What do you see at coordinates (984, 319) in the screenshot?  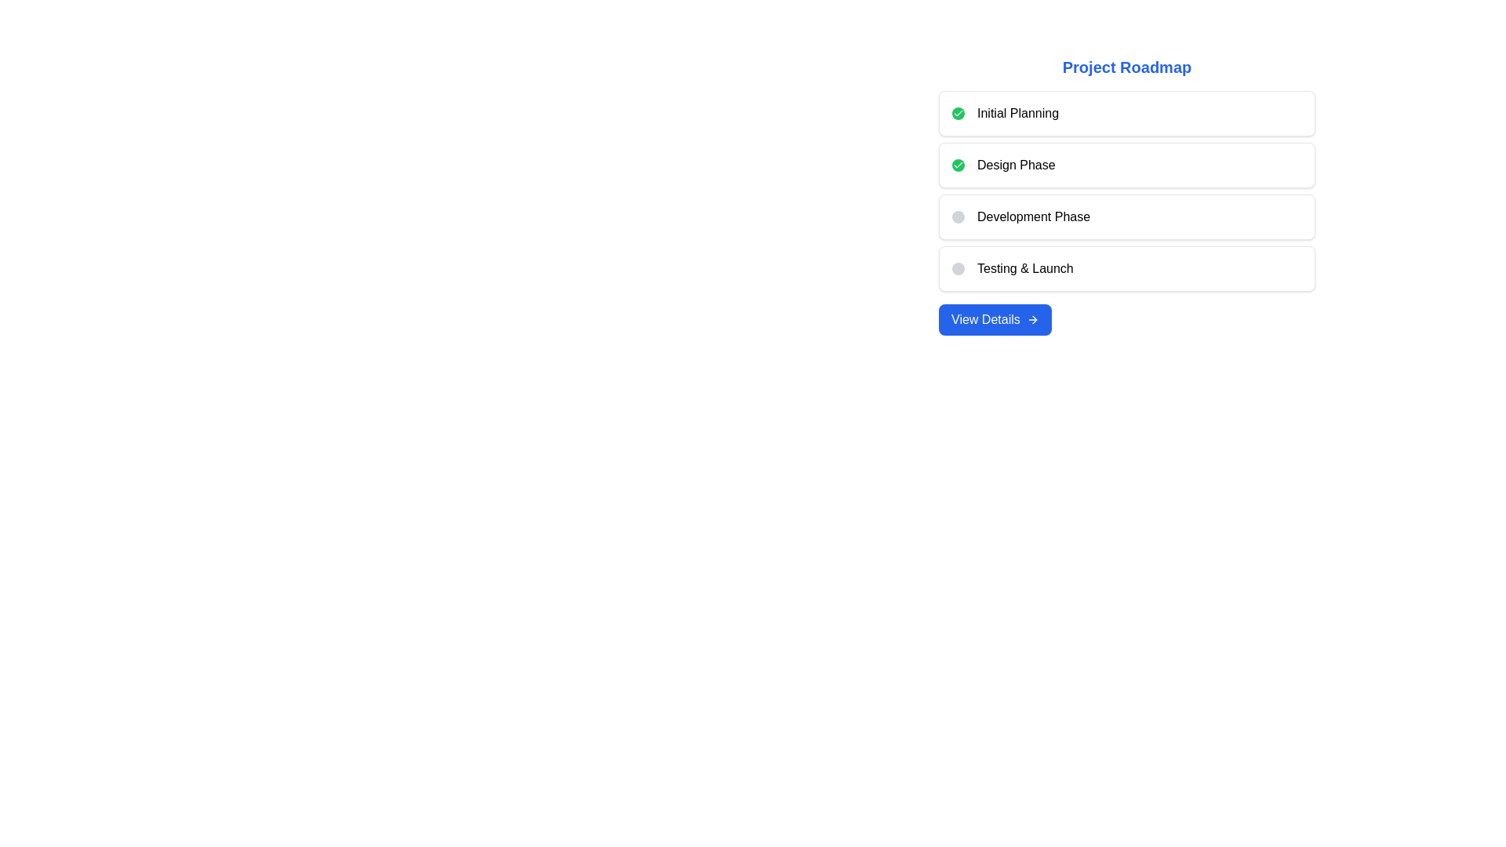 I see `text from the 'View Details' label, which is styled with white text on a blue background and is part of a button-like design located towards the left side of the button, beneath the project roadmap` at bounding box center [984, 319].